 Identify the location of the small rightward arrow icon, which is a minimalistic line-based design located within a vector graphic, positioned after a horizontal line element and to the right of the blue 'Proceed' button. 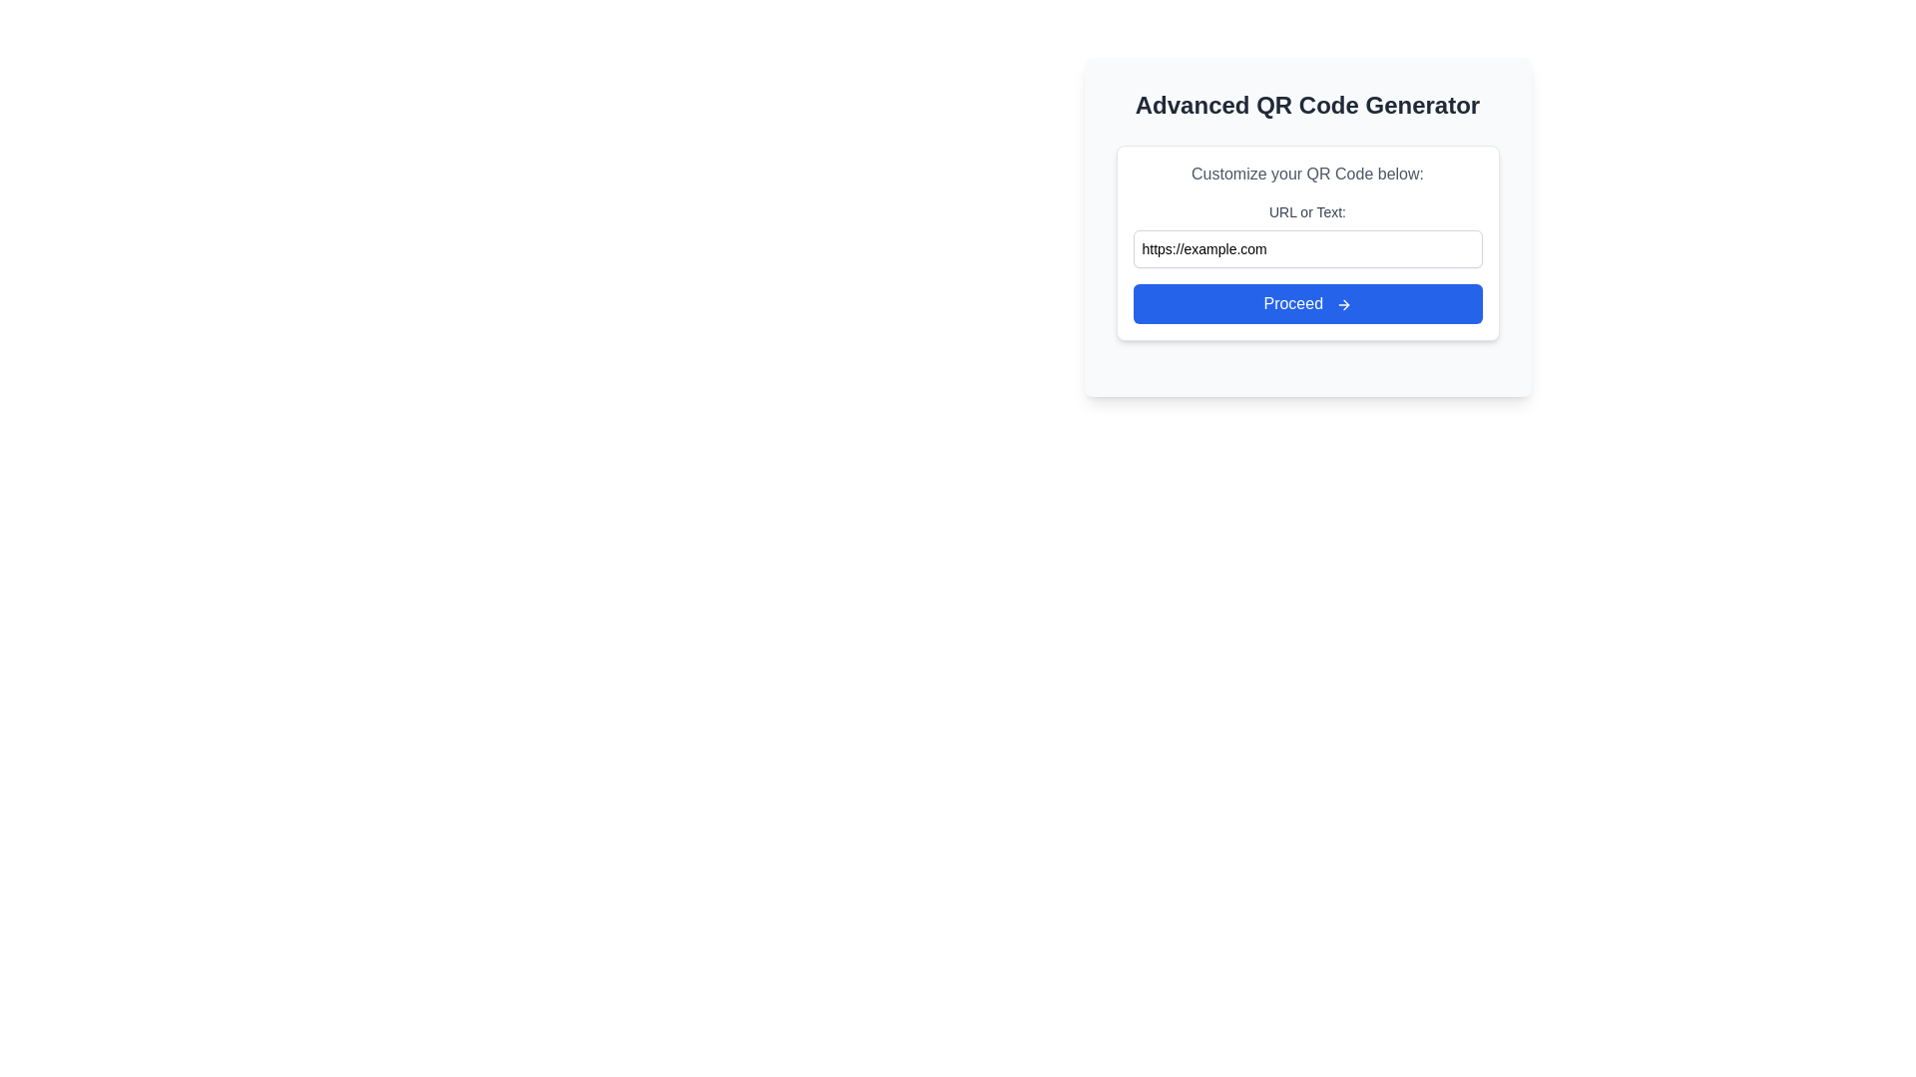
(1345, 304).